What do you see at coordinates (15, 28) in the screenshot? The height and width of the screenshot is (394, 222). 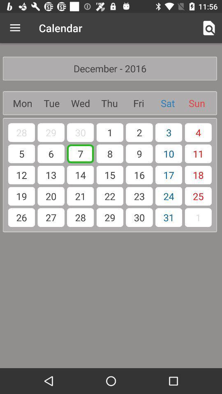 I see `icon above the december - 2016 icon` at bounding box center [15, 28].